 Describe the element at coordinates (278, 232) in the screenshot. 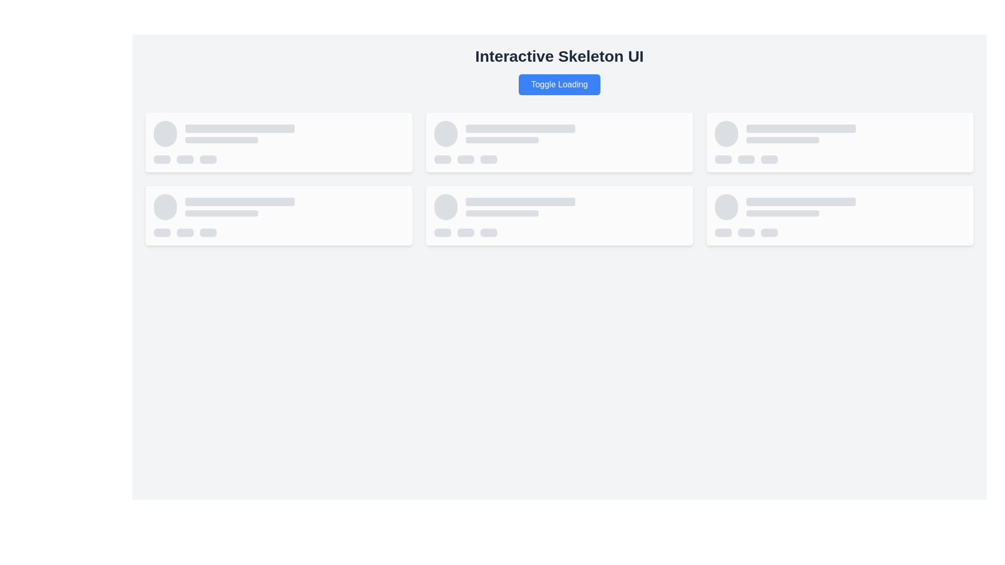

I see `the buttons within the horizontal Button Group located in the bottom section of a card, which features three small rounded gray buttons aligned evenly` at that location.